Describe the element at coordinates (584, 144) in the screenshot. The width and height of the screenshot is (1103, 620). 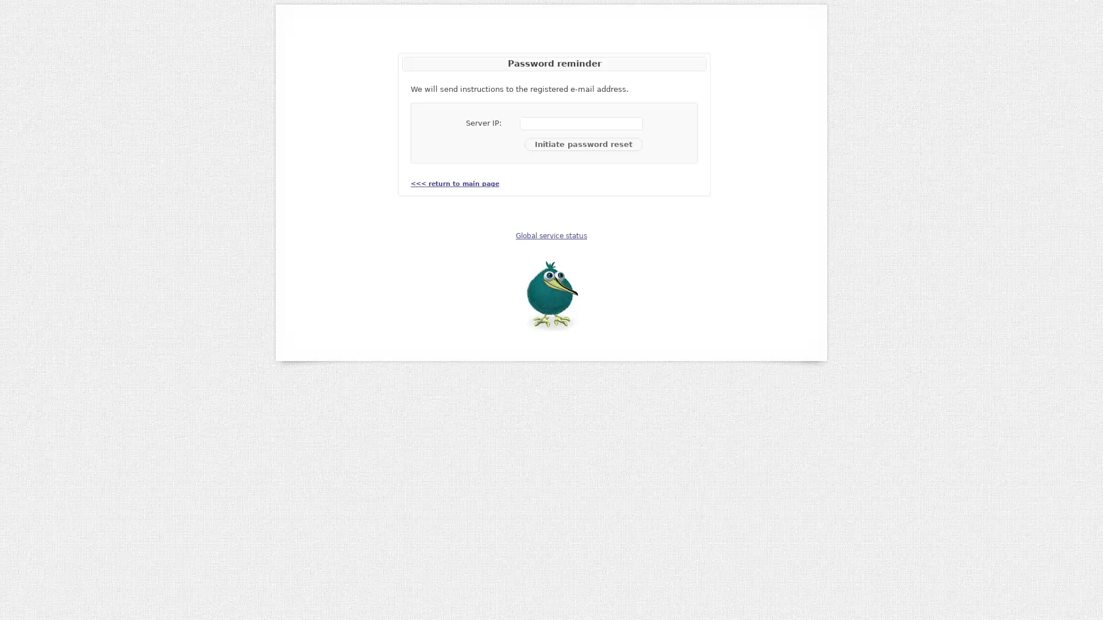
I see `Initiate password reset` at that location.